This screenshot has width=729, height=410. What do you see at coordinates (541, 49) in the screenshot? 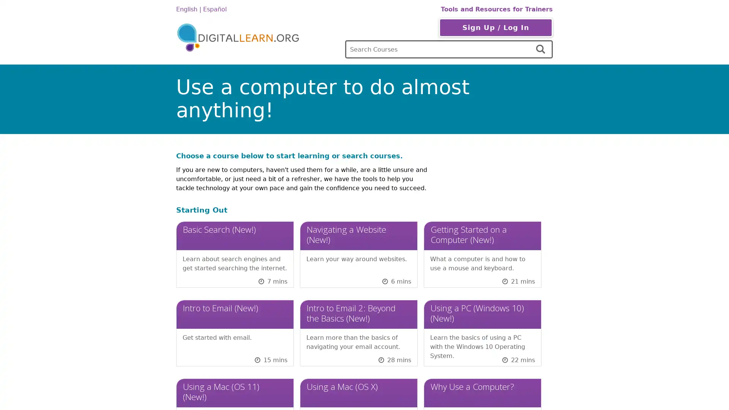
I see `search` at bounding box center [541, 49].